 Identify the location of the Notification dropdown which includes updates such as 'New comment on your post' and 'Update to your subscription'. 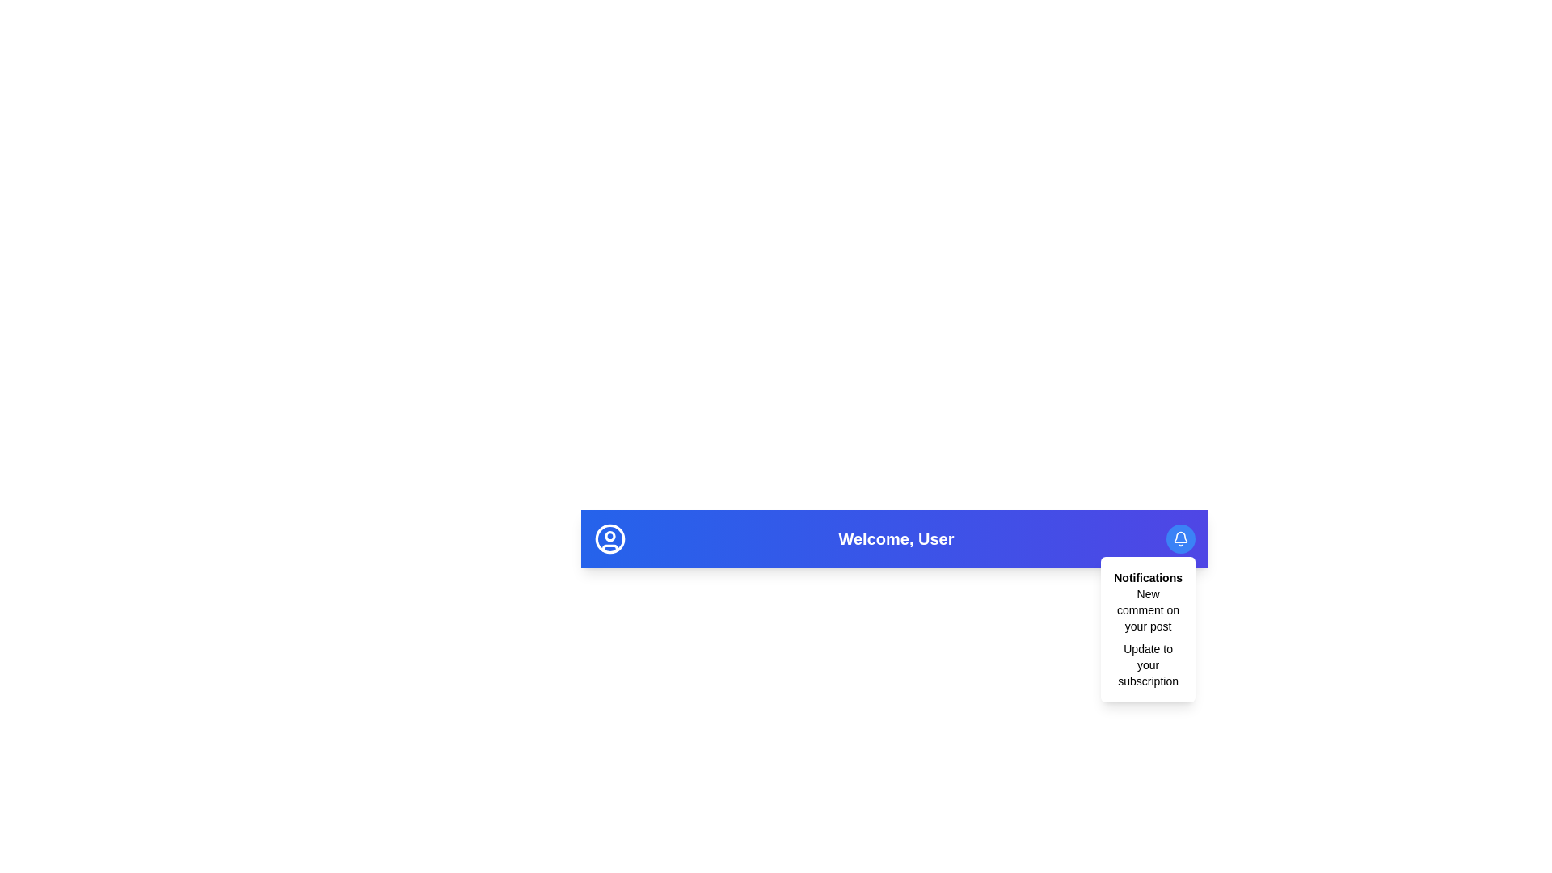
(1147, 629).